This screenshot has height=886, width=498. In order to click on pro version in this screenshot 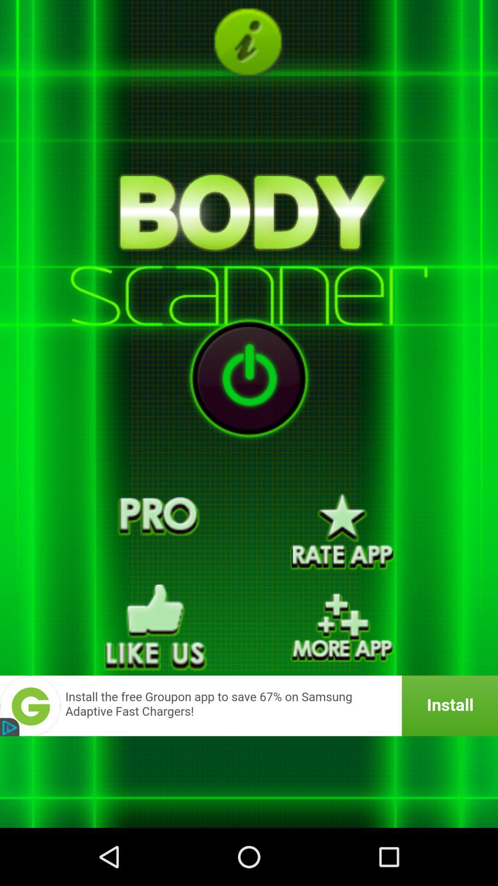, I will do `click(155, 532)`.